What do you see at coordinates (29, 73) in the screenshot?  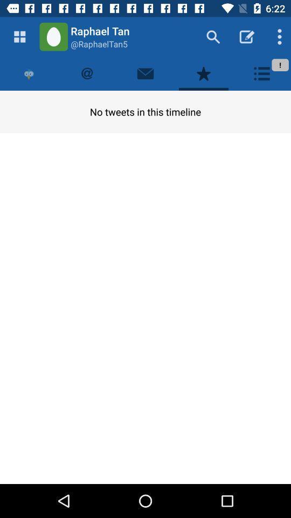 I see `icon above no tweets in` at bounding box center [29, 73].